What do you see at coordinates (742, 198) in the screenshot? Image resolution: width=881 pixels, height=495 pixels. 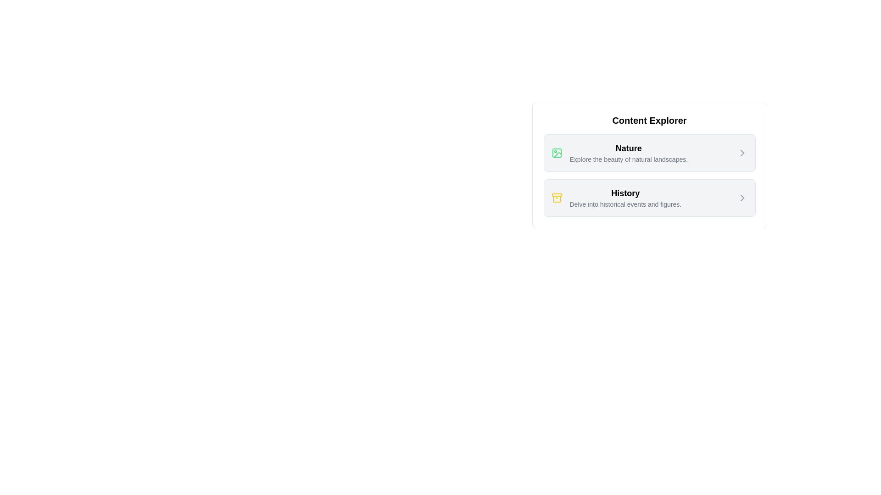 I see `the rightwards chevron arrow icon in the second list item labeled 'History' under 'Content Explorer'` at bounding box center [742, 198].